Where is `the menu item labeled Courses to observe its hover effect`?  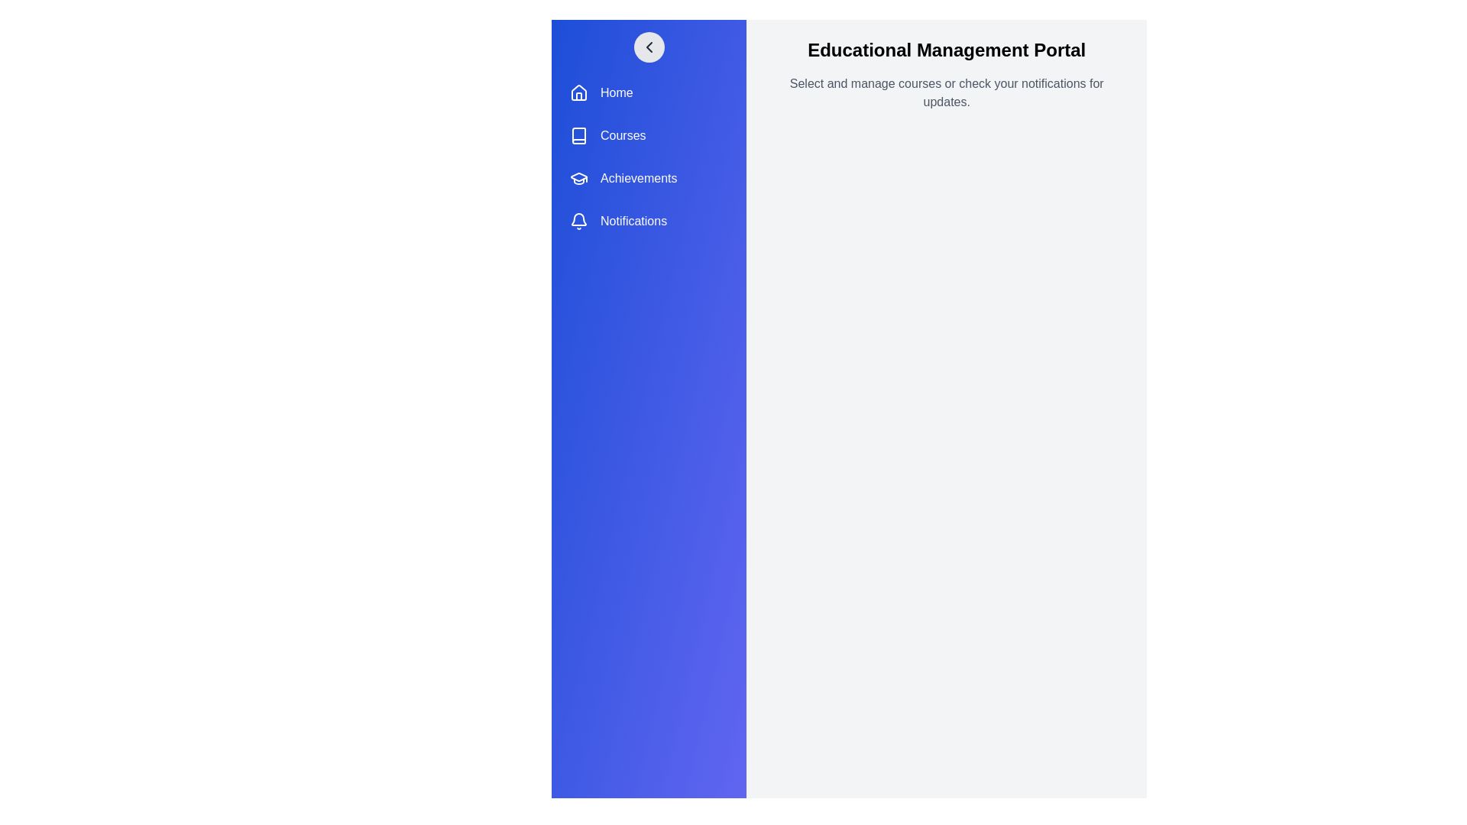
the menu item labeled Courses to observe its hover effect is located at coordinates (649, 134).